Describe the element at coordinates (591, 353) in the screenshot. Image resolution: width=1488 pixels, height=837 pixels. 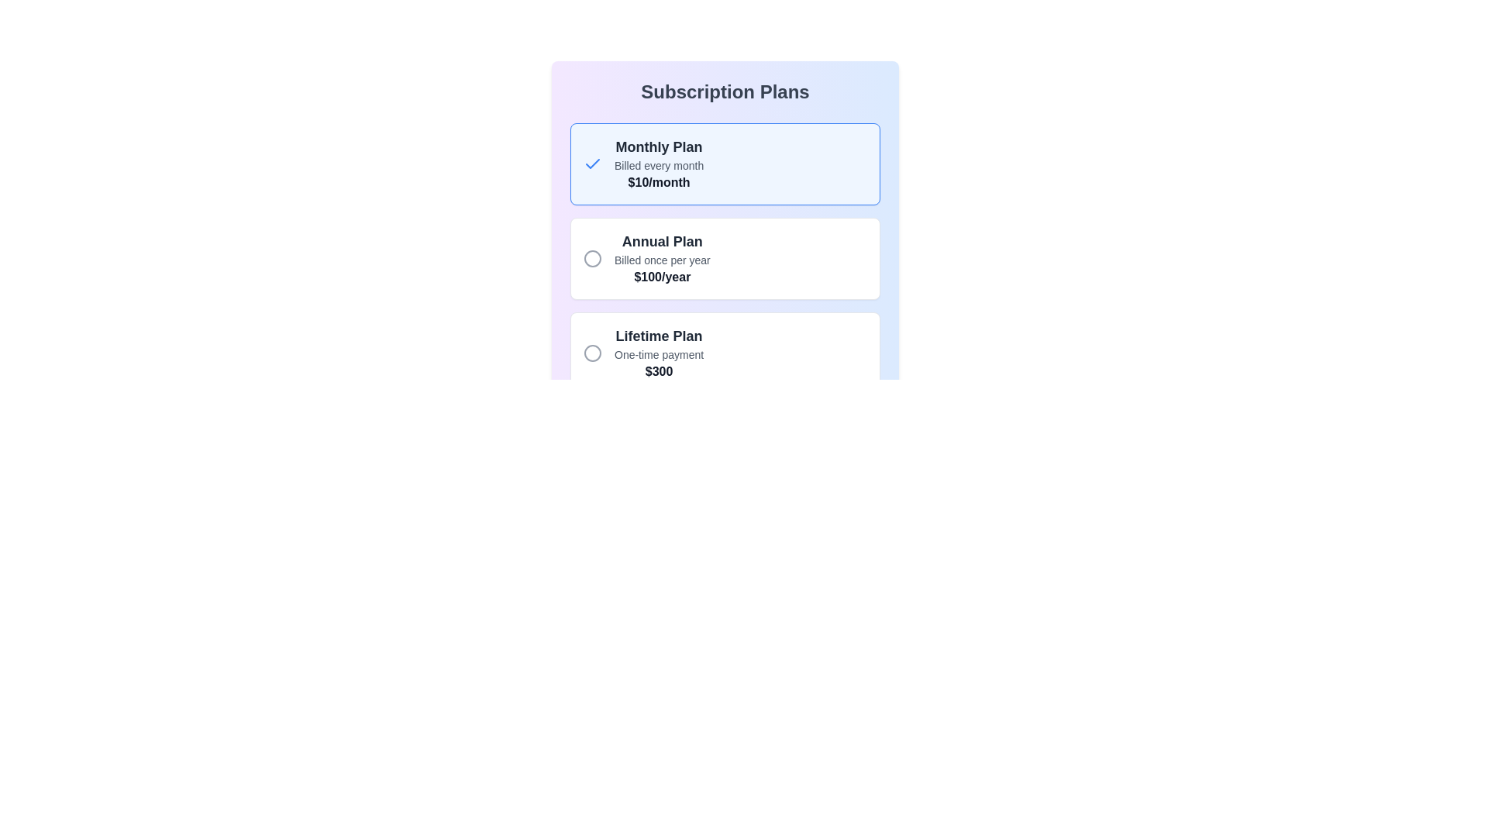
I see `the circular radio button located to the left of the 'Lifetime Plan' text` at that location.